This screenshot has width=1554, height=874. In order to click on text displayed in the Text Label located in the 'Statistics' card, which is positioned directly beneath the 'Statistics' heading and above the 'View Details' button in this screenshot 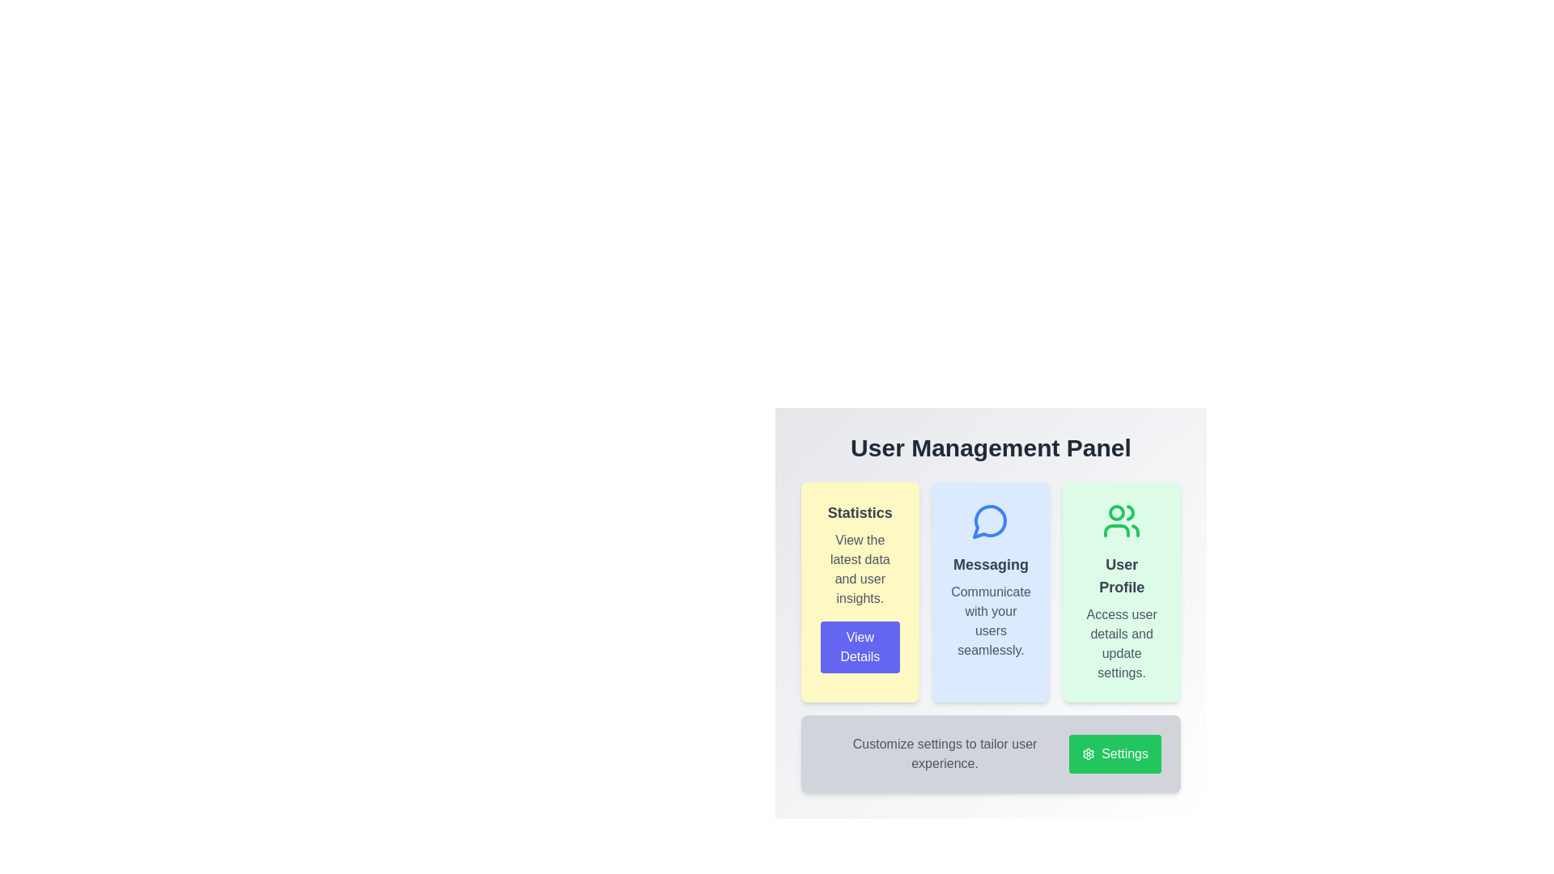, I will do `click(859, 569)`.